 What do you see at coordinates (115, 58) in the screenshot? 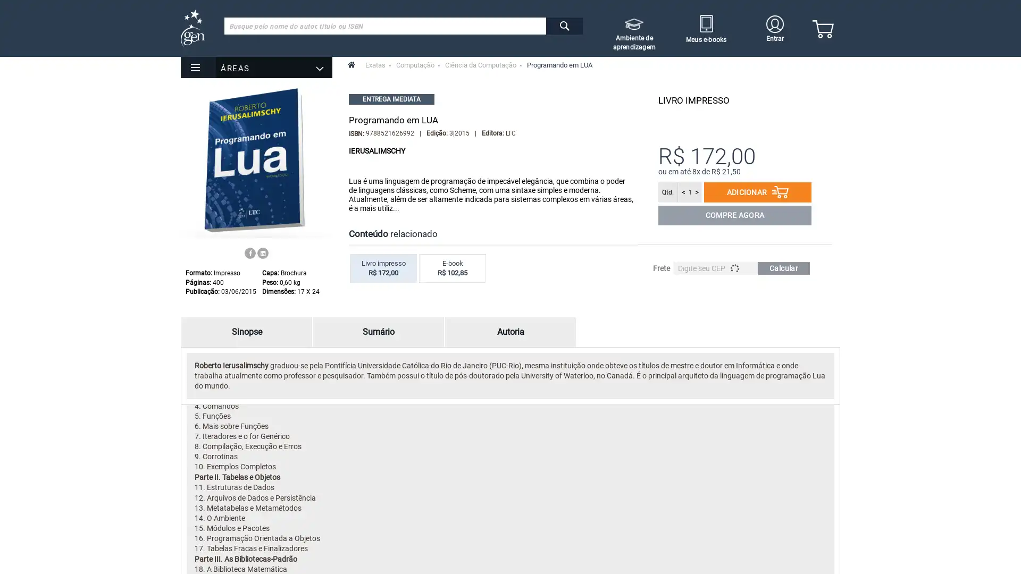
I see `Configuracoes` at bounding box center [115, 58].